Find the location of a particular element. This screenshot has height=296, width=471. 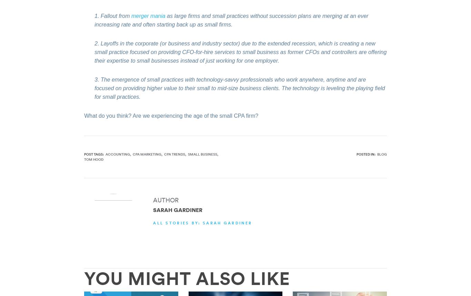

'Sarah Gardiner' is located at coordinates (178, 209).